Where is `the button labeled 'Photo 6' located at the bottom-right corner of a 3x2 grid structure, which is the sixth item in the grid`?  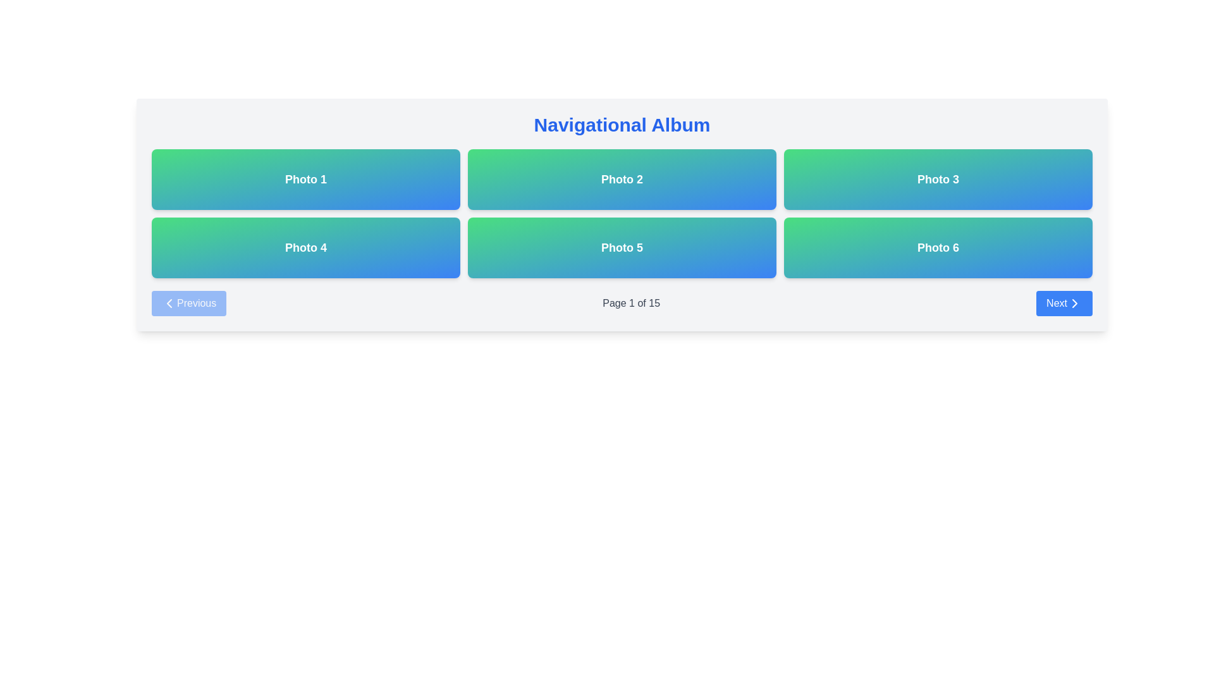 the button labeled 'Photo 6' located at the bottom-right corner of a 3x2 grid structure, which is the sixth item in the grid is located at coordinates (938, 248).